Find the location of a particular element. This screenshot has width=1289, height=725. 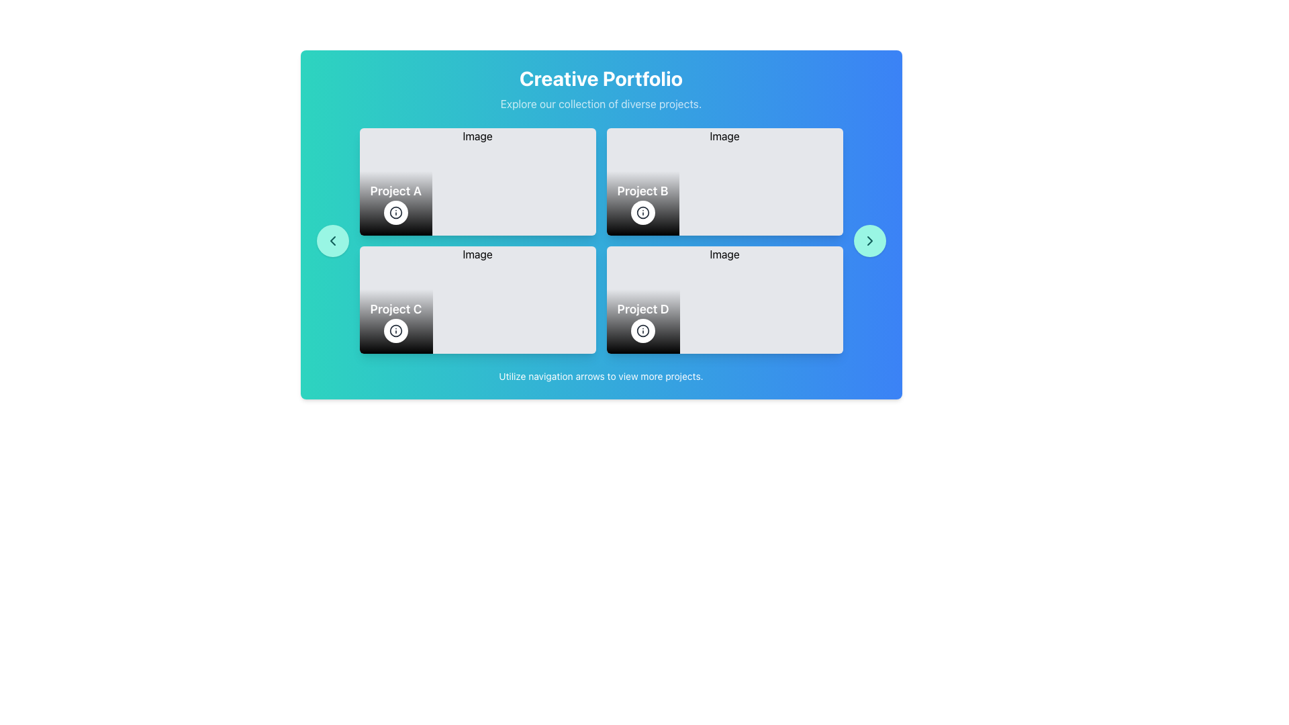

the header text component at the top-center of the interface, which indicates the purpose of showcasing a creative portfolio is located at coordinates (600, 78).